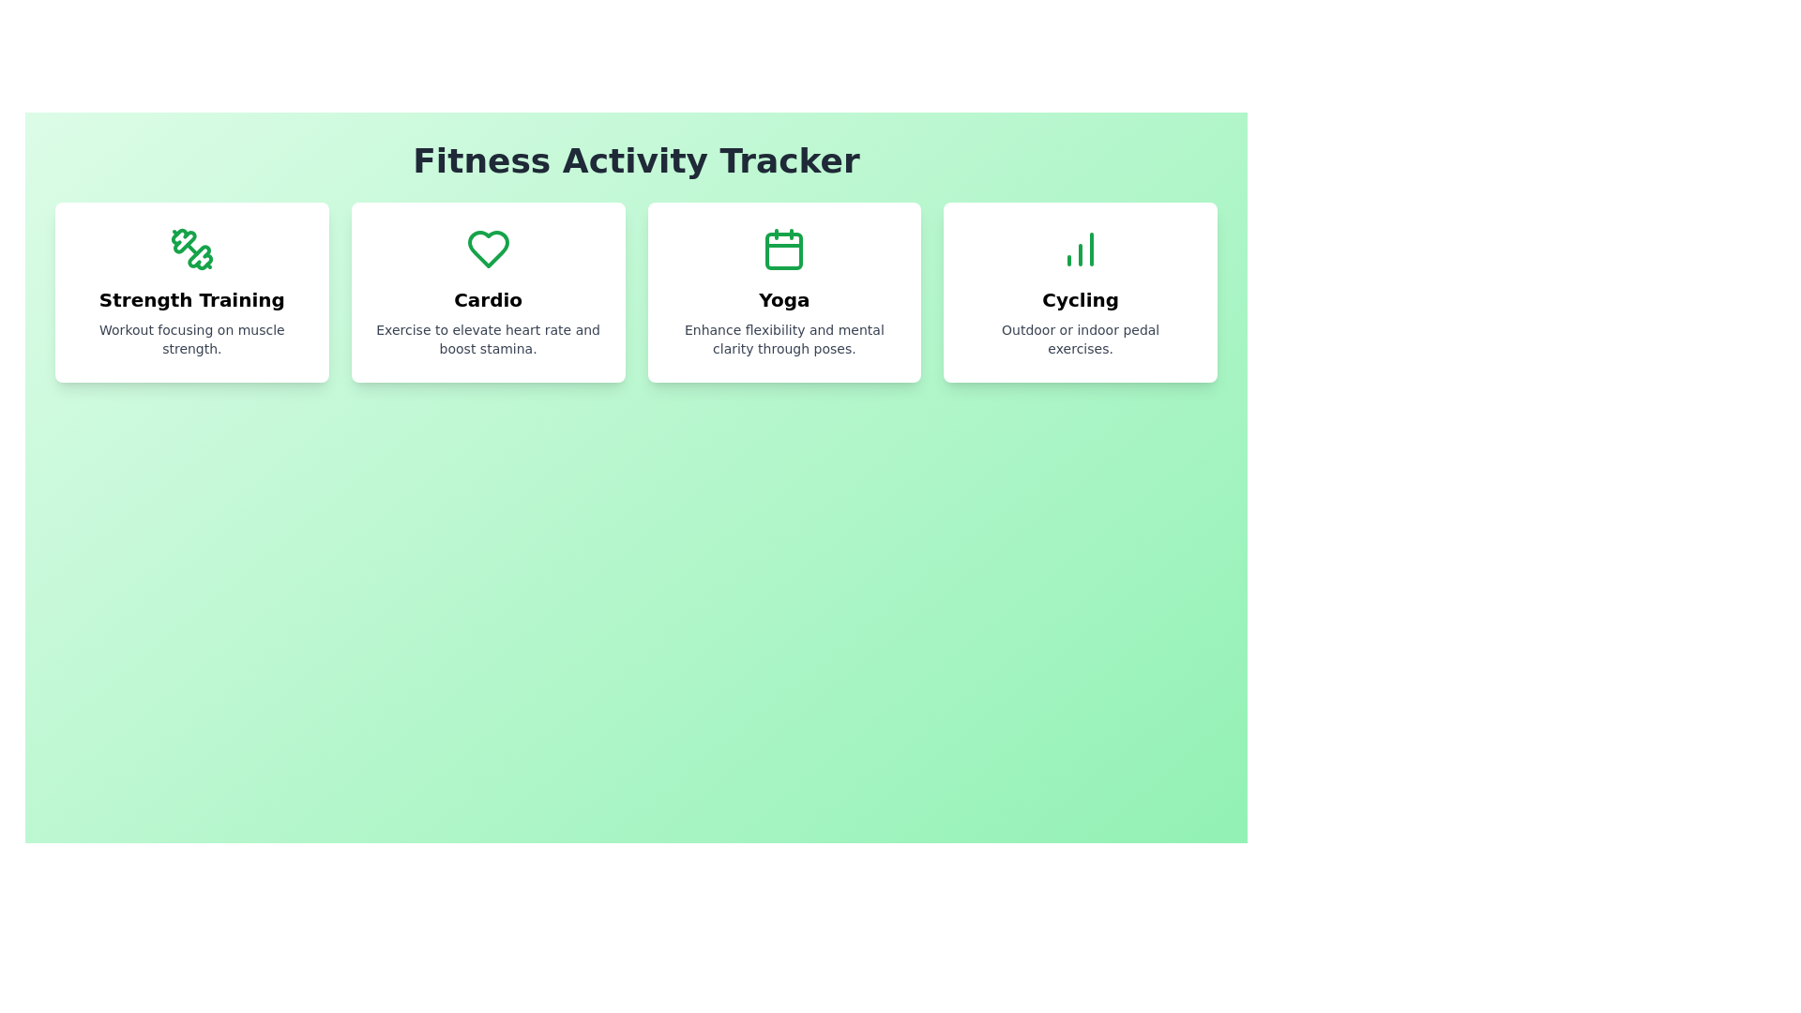 The width and height of the screenshot is (1801, 1013). Describe the element at coordinates (784, 249) in the screenshot. I see `the Decorative Graphic Element, which is a rectangular shape with rounded corners enclosed within a green calendar icon, located above the 'Yoga' card in the interface` at that location.